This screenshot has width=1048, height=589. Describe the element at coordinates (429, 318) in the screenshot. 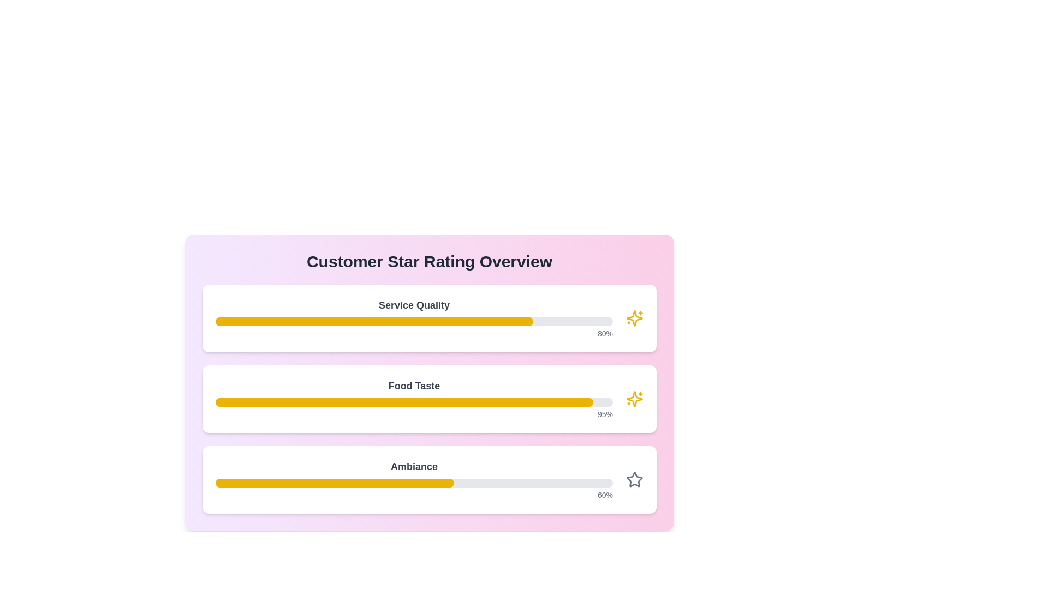

I see `displayed percentage on the Progress bar for 'Service Quality', which is positioned at the top of the stacked list of summary boxes` at that location.